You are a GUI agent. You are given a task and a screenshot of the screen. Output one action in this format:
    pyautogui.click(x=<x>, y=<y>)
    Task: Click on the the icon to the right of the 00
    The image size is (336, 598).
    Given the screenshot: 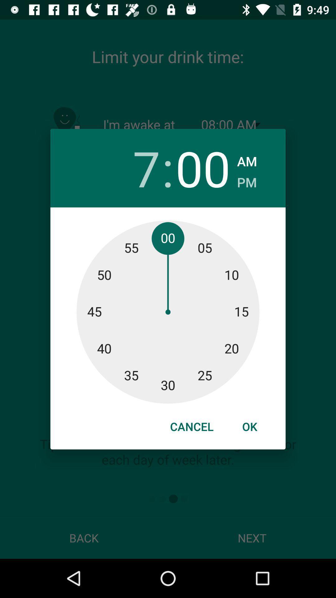 What is the action you would take?
    pyautogui.click(x=246, y=180)
    